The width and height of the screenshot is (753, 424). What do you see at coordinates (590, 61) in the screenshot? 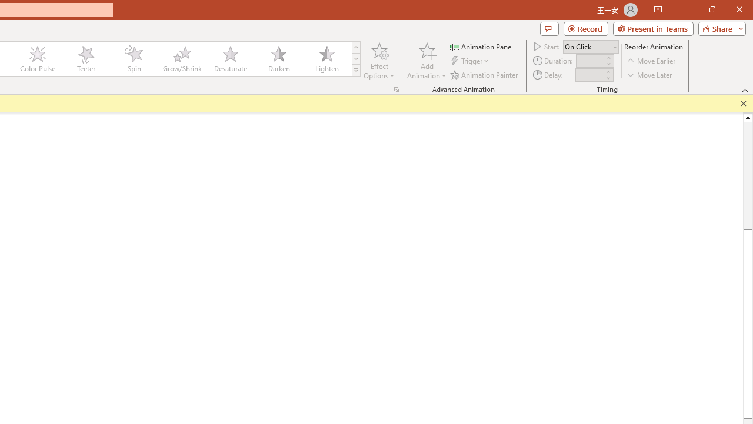
I see `'Animation Duration'` at bounding box center [590, 61].